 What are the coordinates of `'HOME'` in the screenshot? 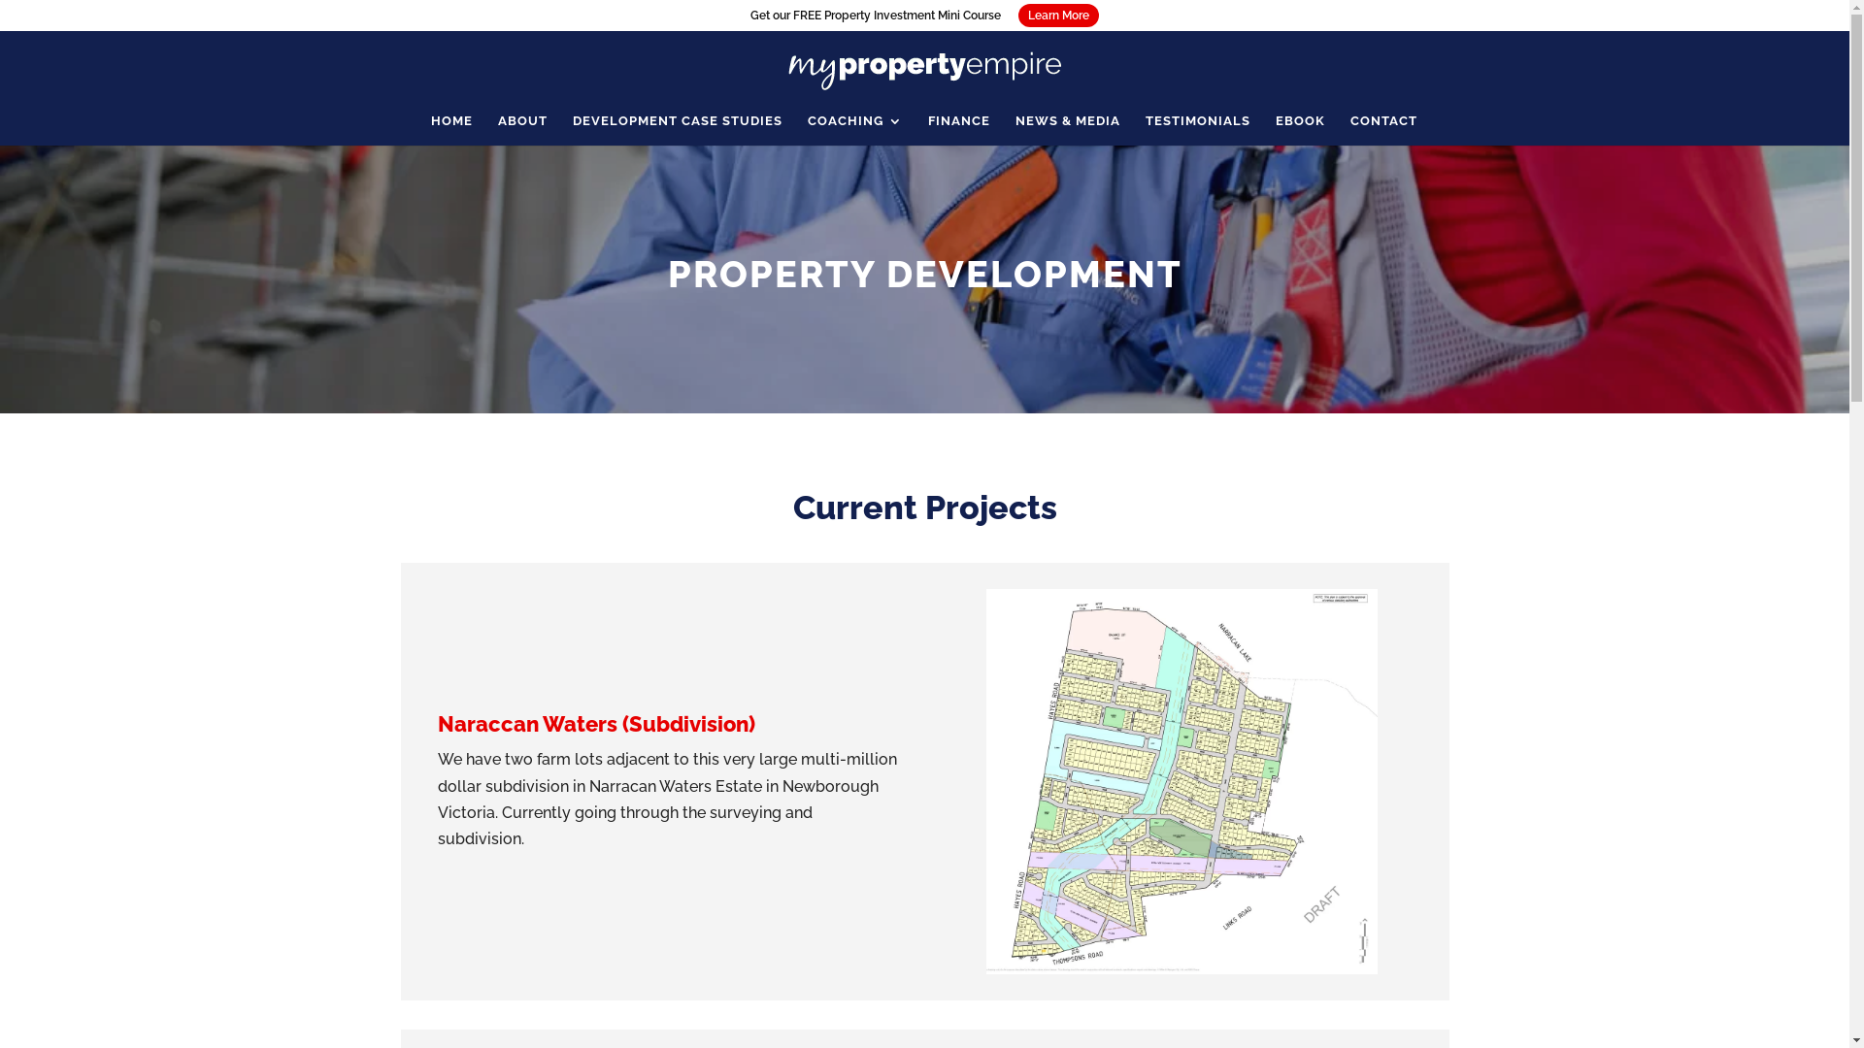 It's located at (450, 130).